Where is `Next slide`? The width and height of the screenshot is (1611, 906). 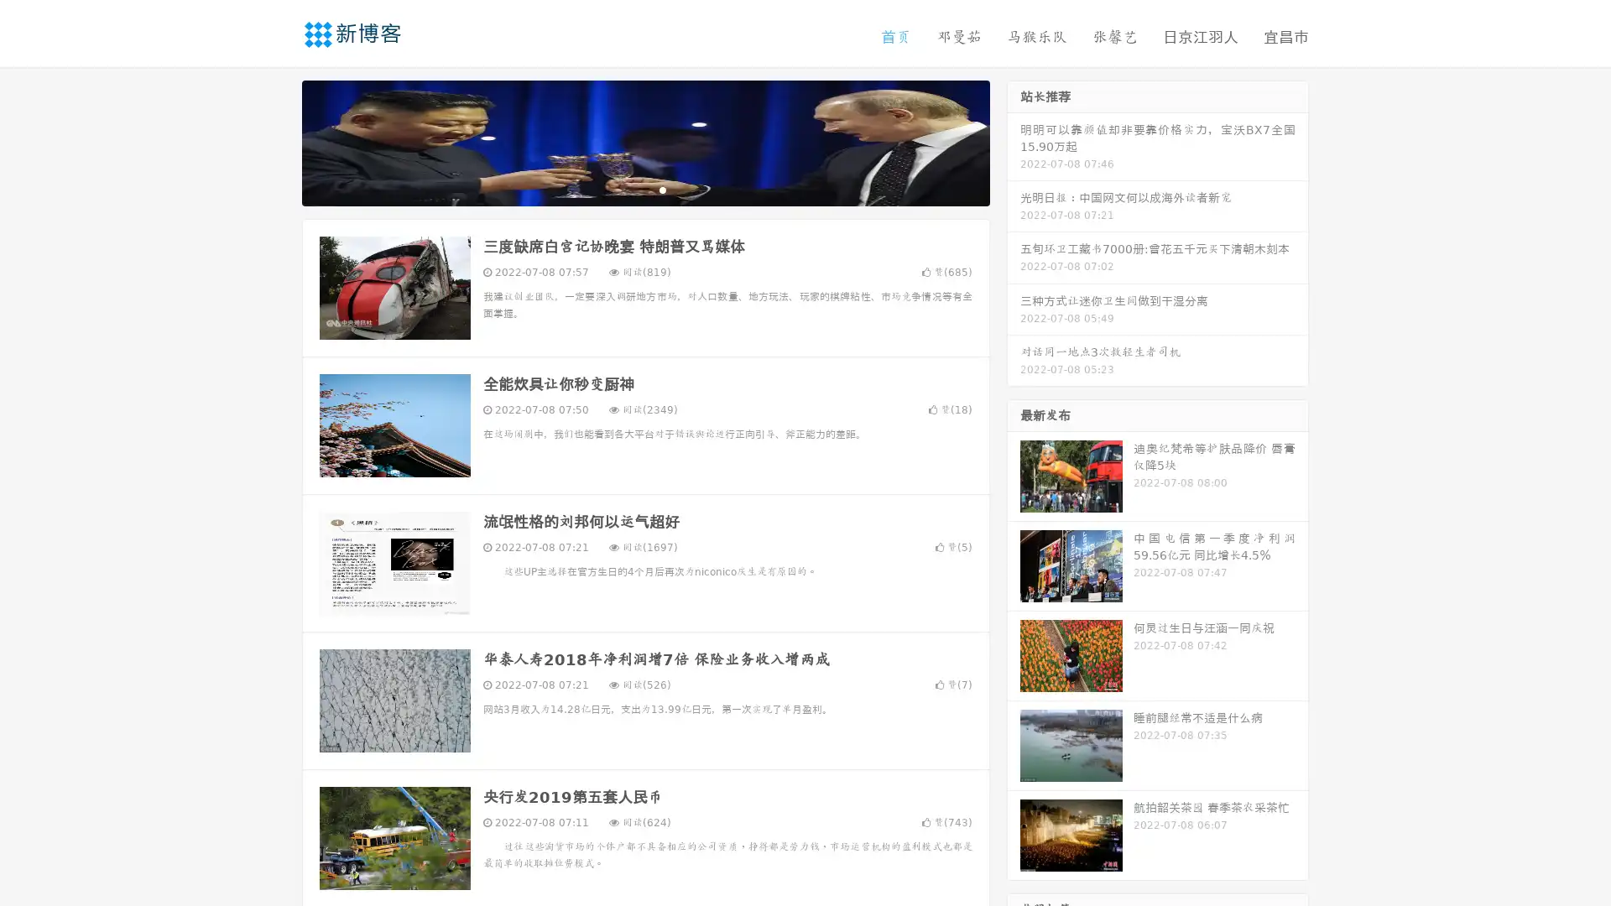 Next slide is located at coordinates (1014, 141).